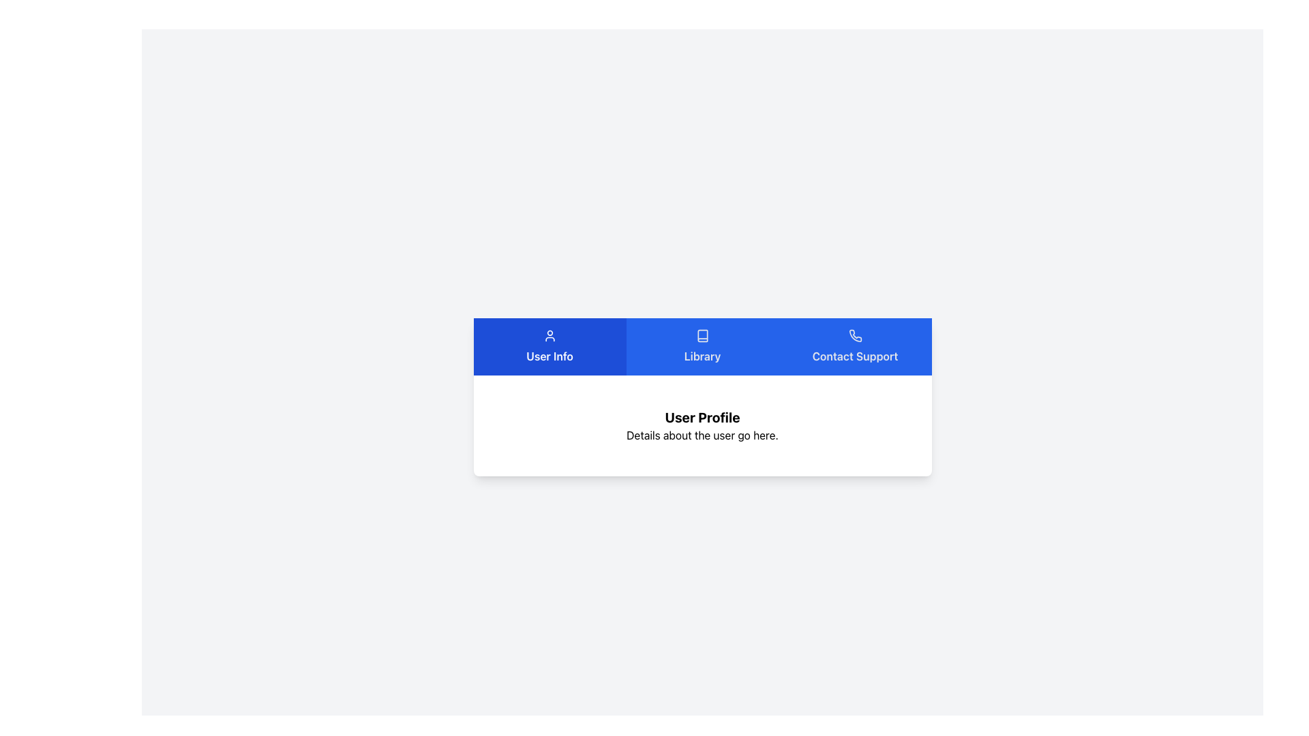  I want to click on the user profile icon located in the top navigation bar, so click(550, 336).